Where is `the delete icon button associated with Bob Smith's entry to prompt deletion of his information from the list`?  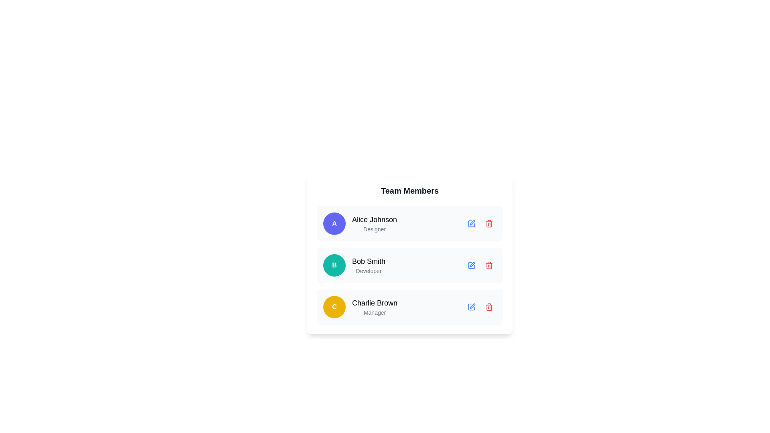 the delete icon button associated with Bob Smith's entry to prompt deletion of his information from the list is located at coordinates (488, 265).